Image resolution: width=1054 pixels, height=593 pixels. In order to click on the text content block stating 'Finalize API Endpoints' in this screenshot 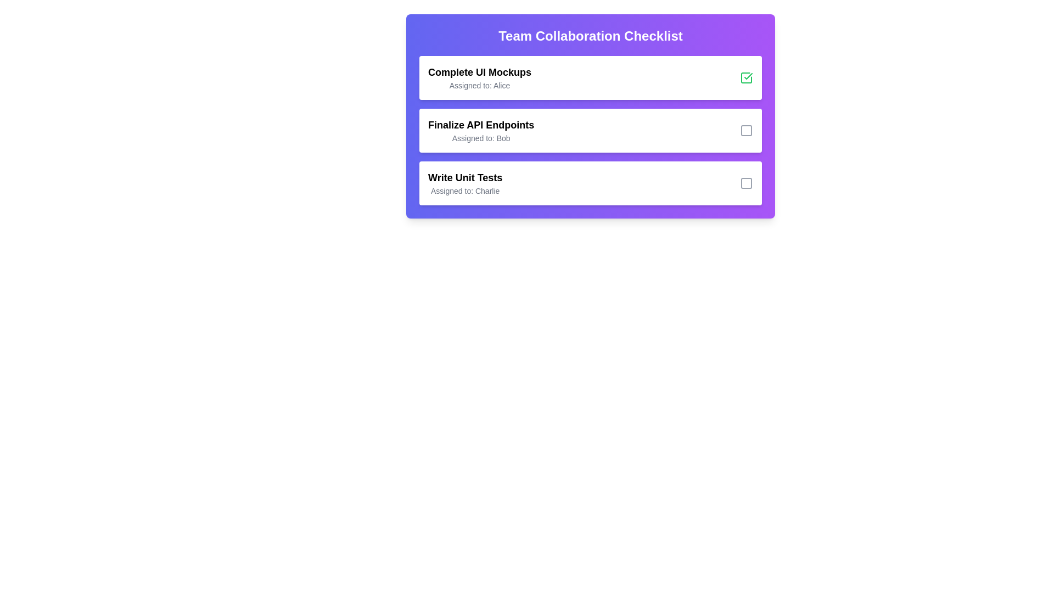, I will do `click(481, 130)`.